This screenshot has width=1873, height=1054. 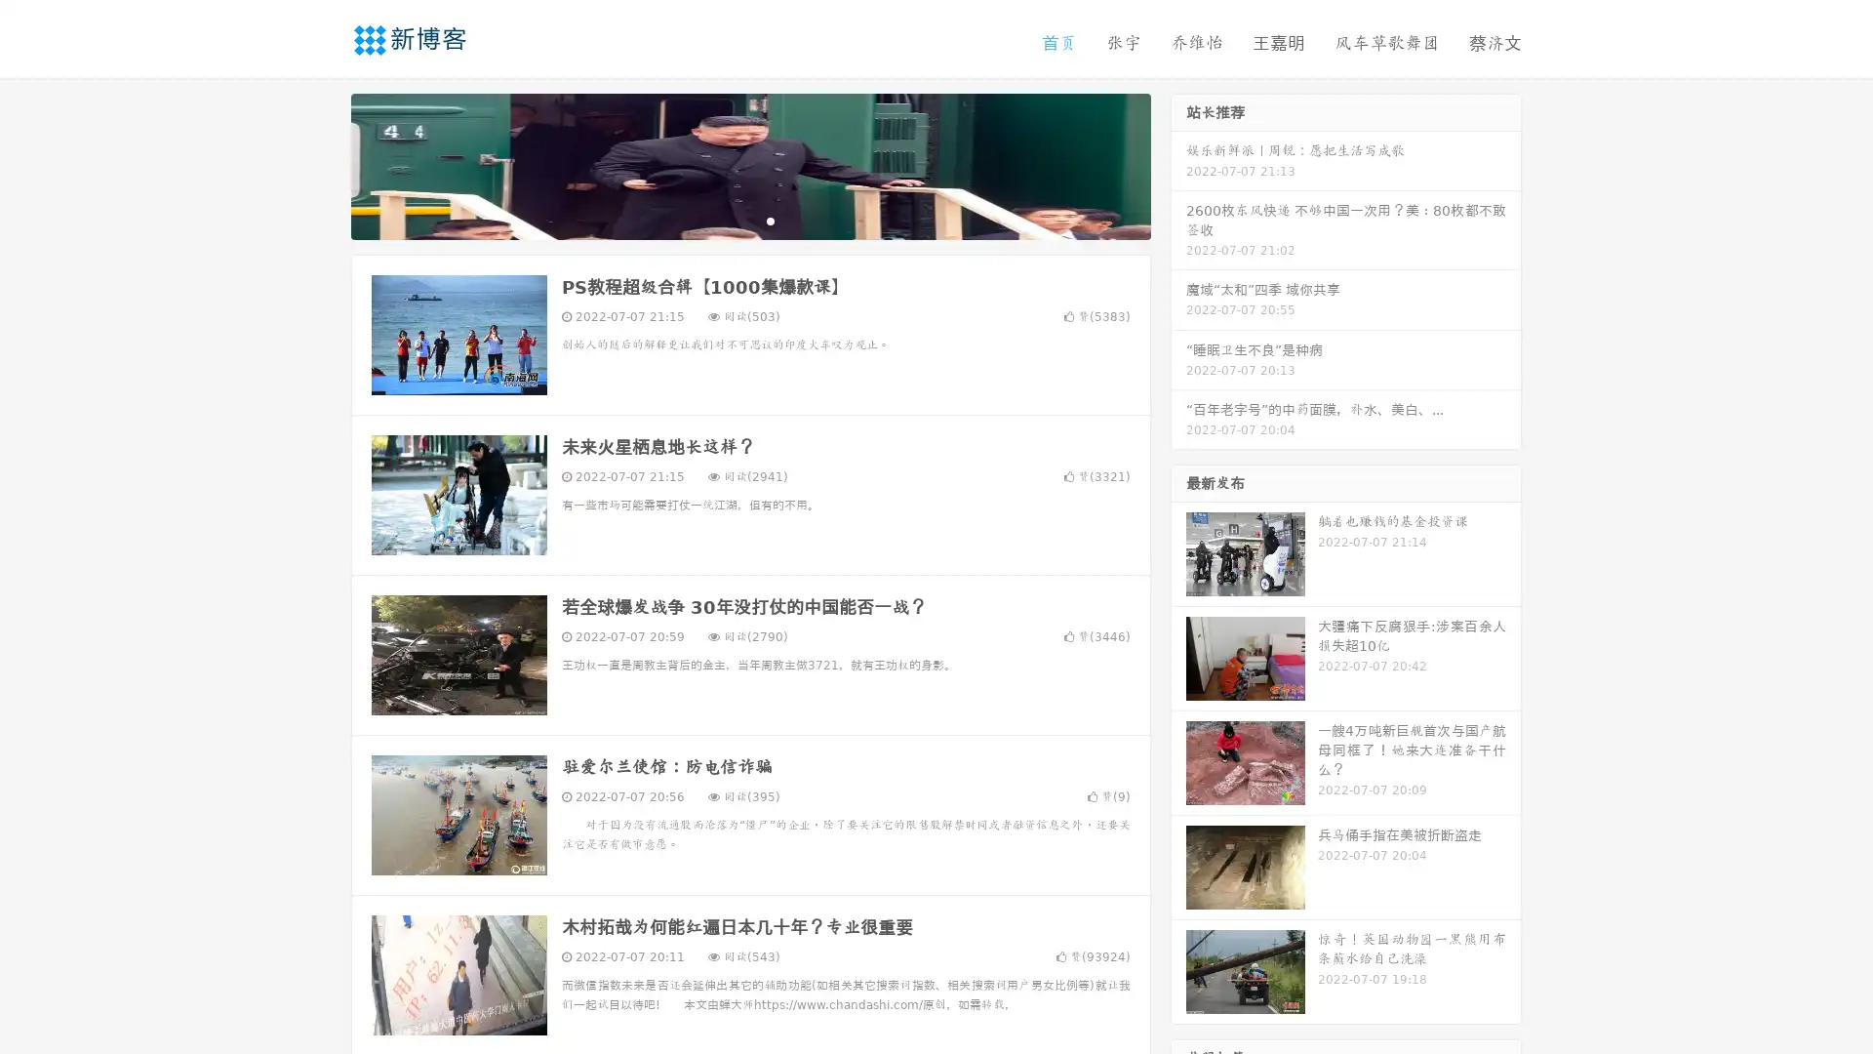 I want to click on Go to slide 2, so click(x=749, y=220).